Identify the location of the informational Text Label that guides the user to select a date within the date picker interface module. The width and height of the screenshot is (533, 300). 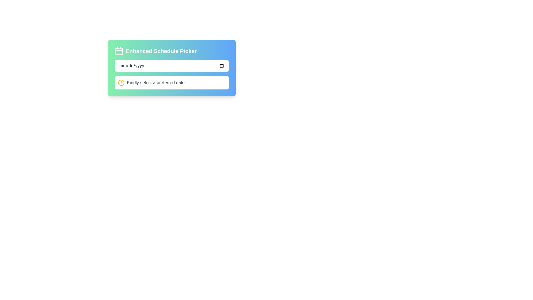
(156, 82).